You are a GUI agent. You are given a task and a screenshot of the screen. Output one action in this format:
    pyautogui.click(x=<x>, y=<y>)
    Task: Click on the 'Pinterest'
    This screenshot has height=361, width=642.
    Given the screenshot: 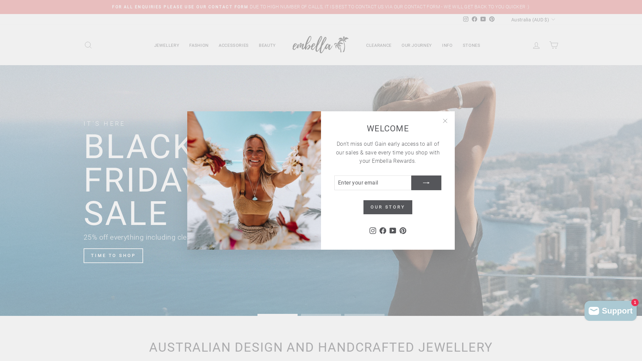 What is the action you would take?
    pyautogui.click(x=488, y=19)
    